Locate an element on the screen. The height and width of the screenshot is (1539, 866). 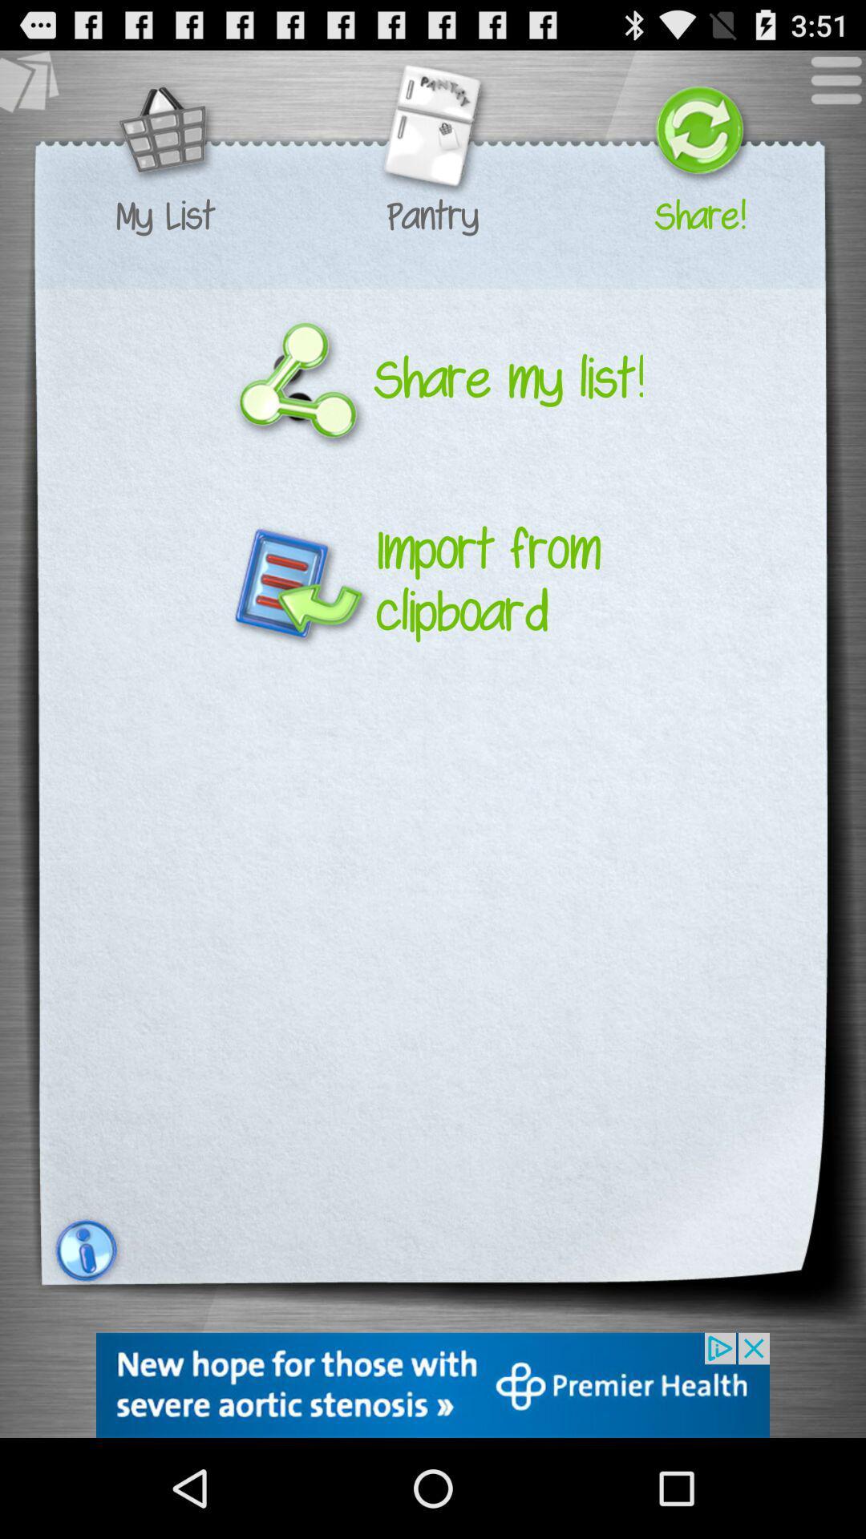
menu icon is located at coordinates (828, 87).